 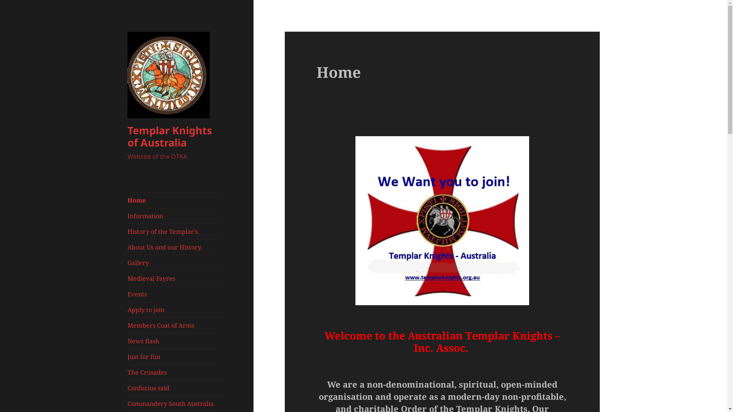 What do you see at coordinates (174, 403) in the screenshot?
I see `'Commandery South Australia'` at bounding box center [174, 403].